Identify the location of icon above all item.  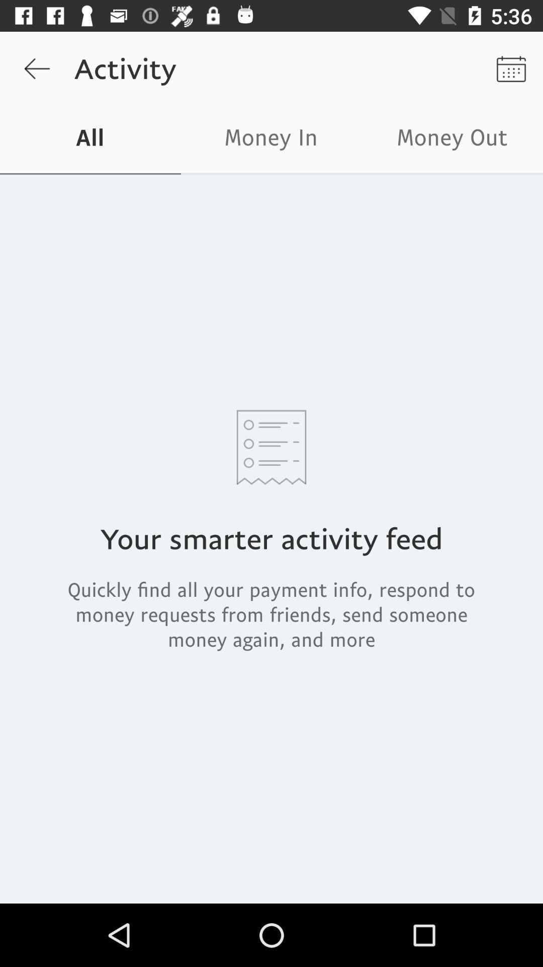
(36, 68).